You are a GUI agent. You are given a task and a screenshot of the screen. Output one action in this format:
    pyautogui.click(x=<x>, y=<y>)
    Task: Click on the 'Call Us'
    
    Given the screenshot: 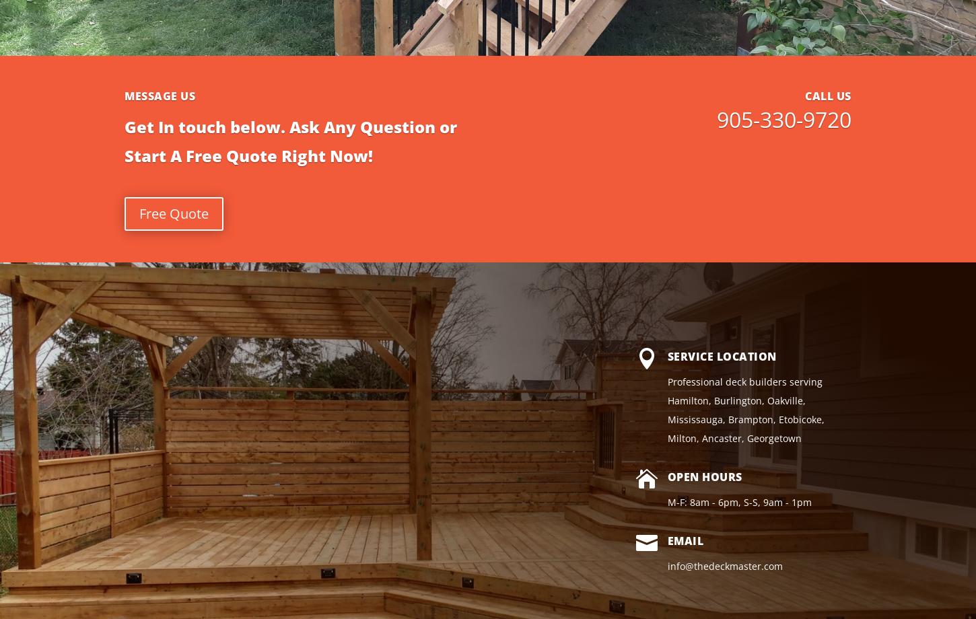 What is the action you would take?
    pyautogui.click(x=828, y=94)
    